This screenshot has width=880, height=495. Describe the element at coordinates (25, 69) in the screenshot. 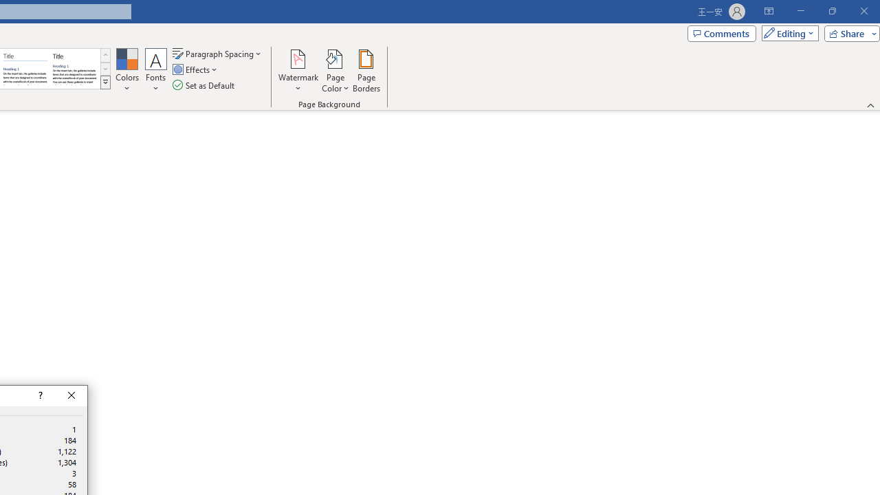

I see `'Word 2010'` at that location.